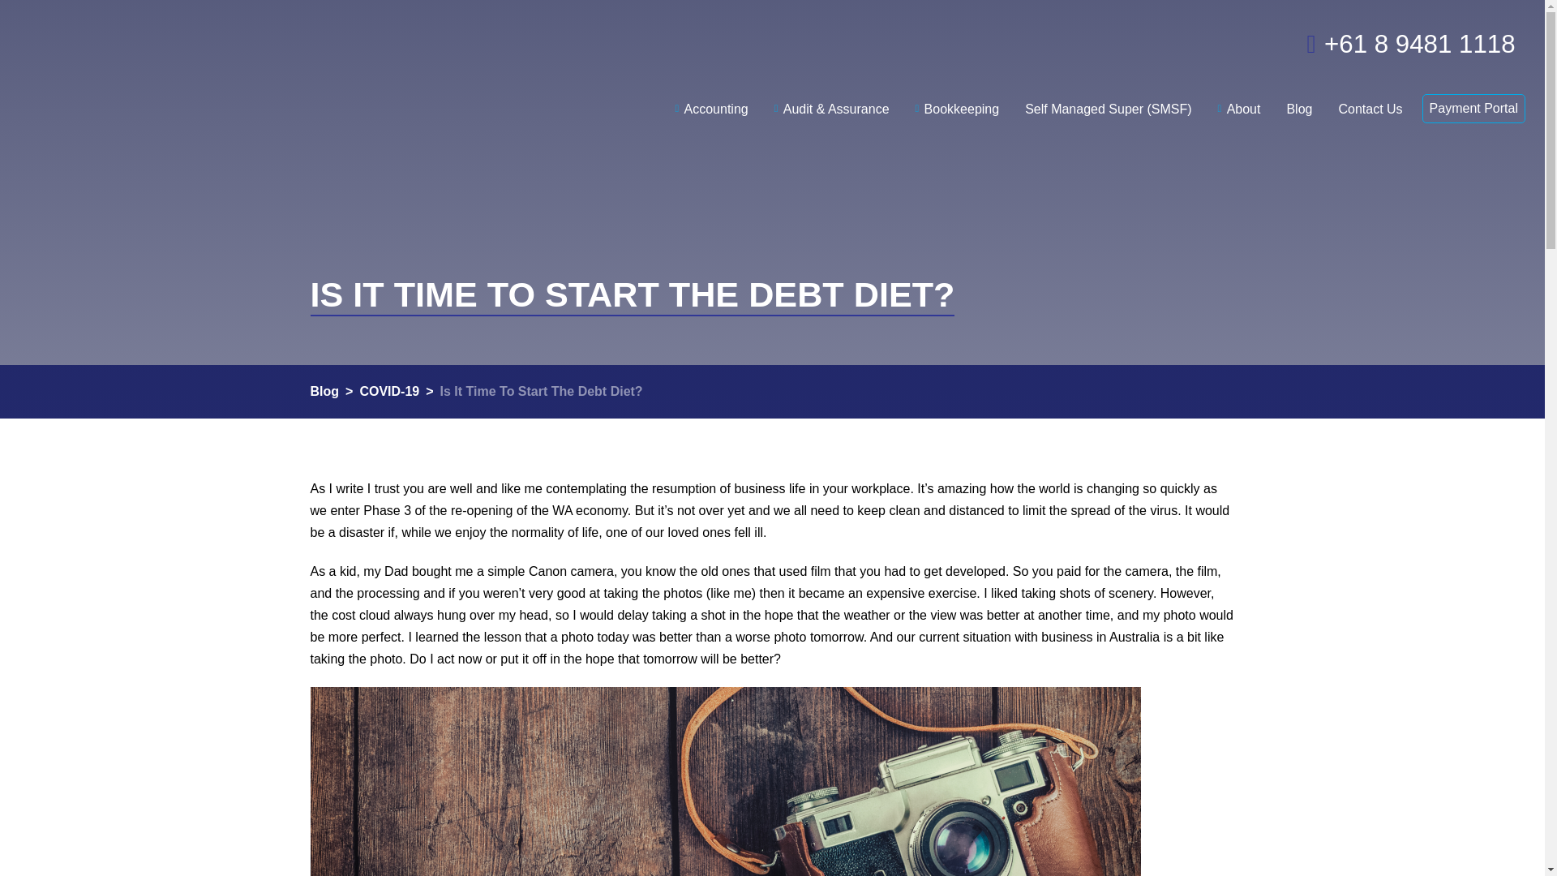 The width and height of the screenshot is (1557, 876). What do you see at coordinates (761, 97) in the screenshot?
I see `'Audit & Assurance'` at bounding box center [761, 97].